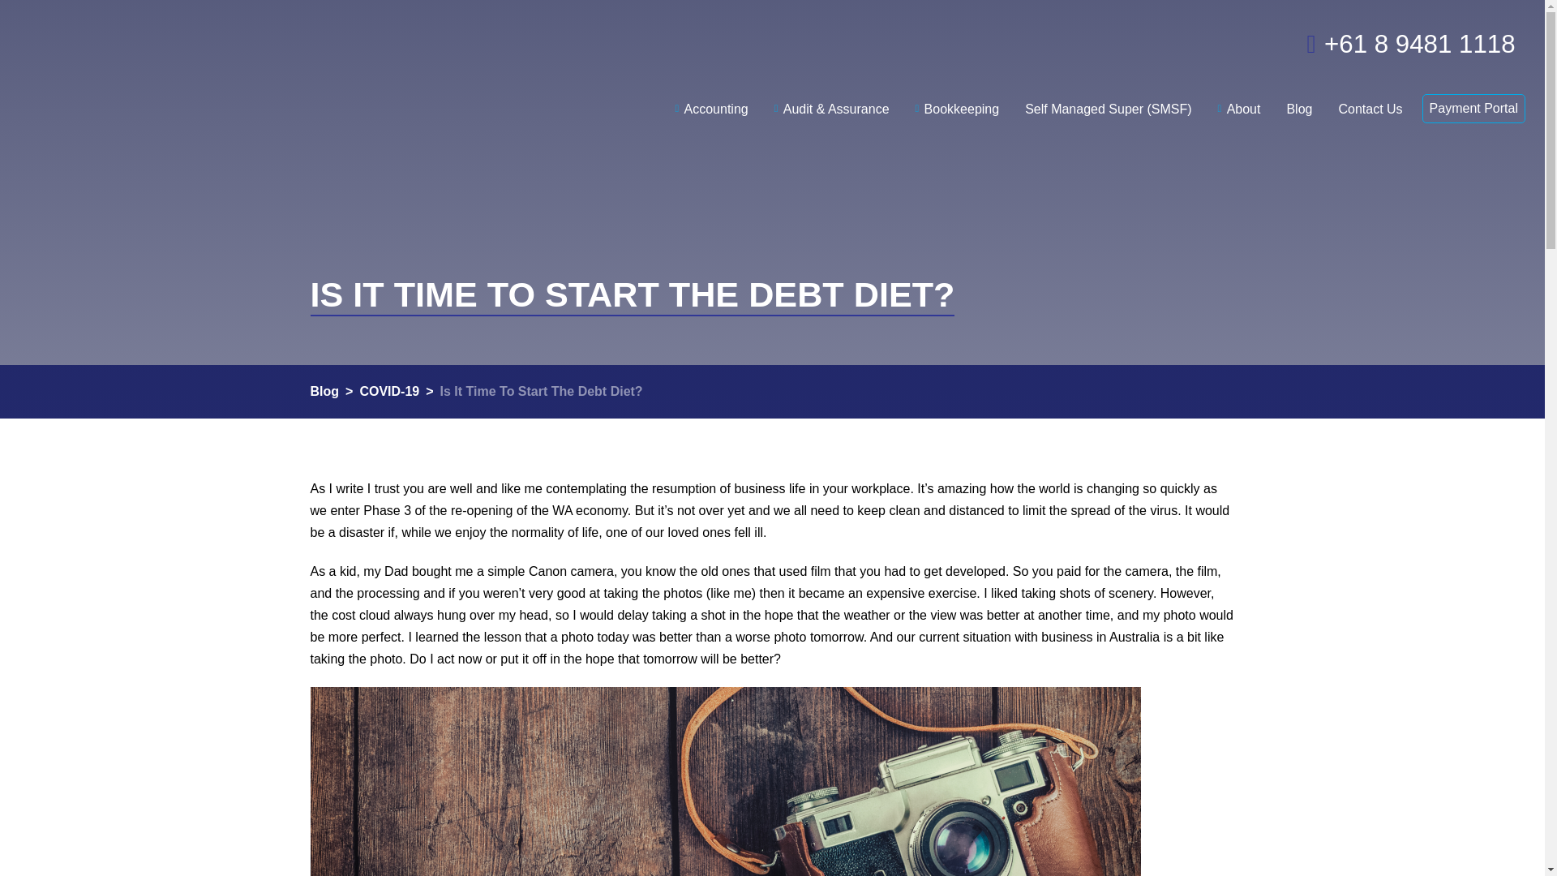 The width and height of the screenshot is (1557, 876). What do you see at coordinates (761, 97) in the screenshot?
I see `'Audit & Assurance'` at bounding box center [761, 97].